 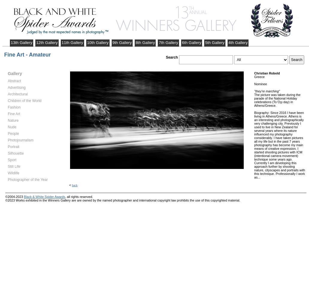 What do you see at coordinates (254, 73) in the screenshot?
I see `'Christian Robold'` at bounding box center [254, 73].